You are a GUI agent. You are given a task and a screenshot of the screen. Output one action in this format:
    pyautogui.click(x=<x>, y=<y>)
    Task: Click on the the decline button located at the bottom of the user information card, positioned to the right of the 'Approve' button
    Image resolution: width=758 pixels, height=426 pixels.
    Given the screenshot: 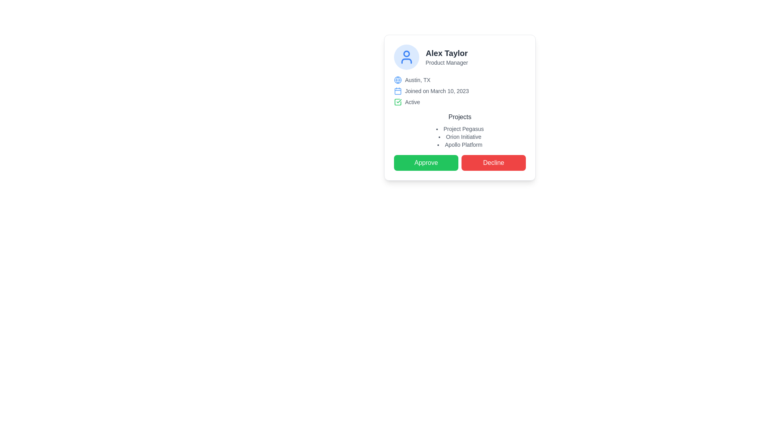 What is the action you would take?
    pyautogui.click(x=493, y=162)
    